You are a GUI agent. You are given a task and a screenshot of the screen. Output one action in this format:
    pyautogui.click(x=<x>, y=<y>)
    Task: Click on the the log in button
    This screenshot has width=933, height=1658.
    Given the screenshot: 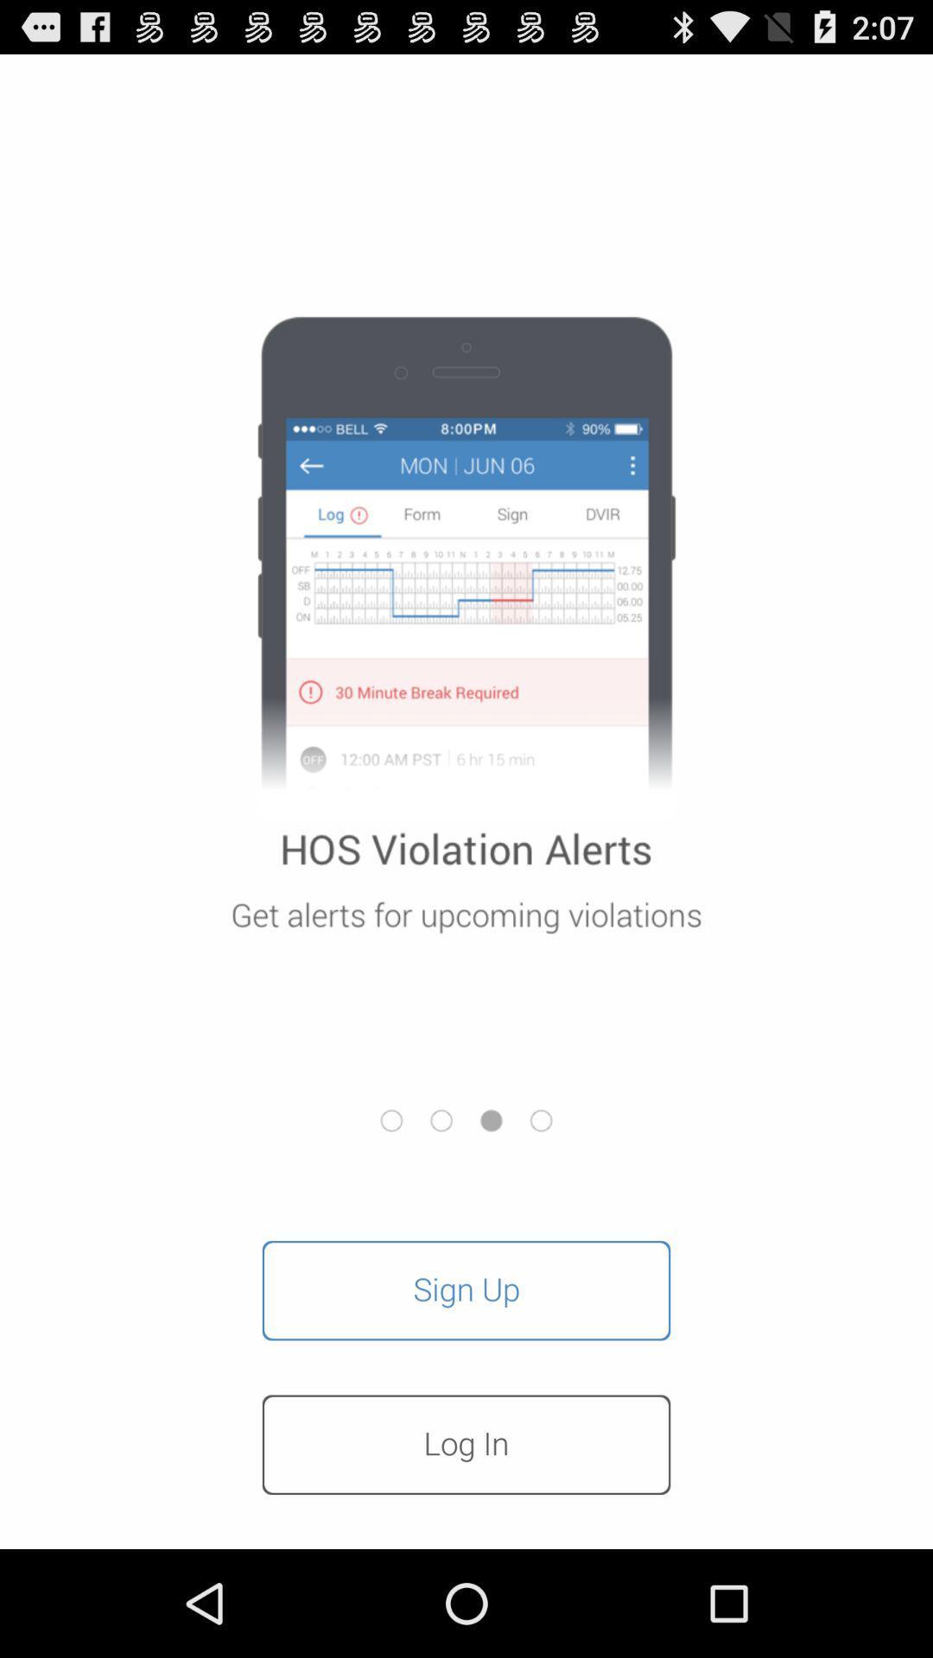 What is the action you would take?
    pyautogui.click(x=466, y=1445)
    